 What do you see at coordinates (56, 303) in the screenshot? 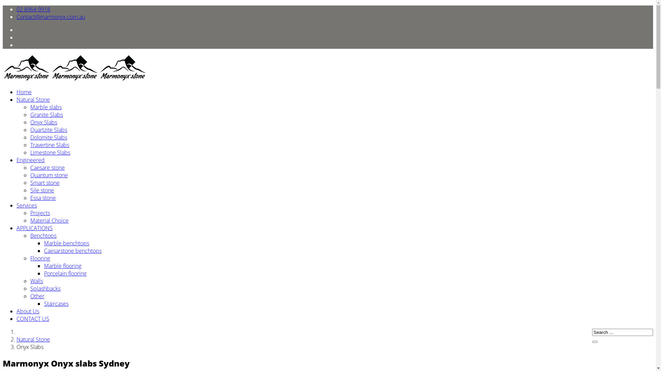
I see `'Staircases'` at bounding box center [56, 303].